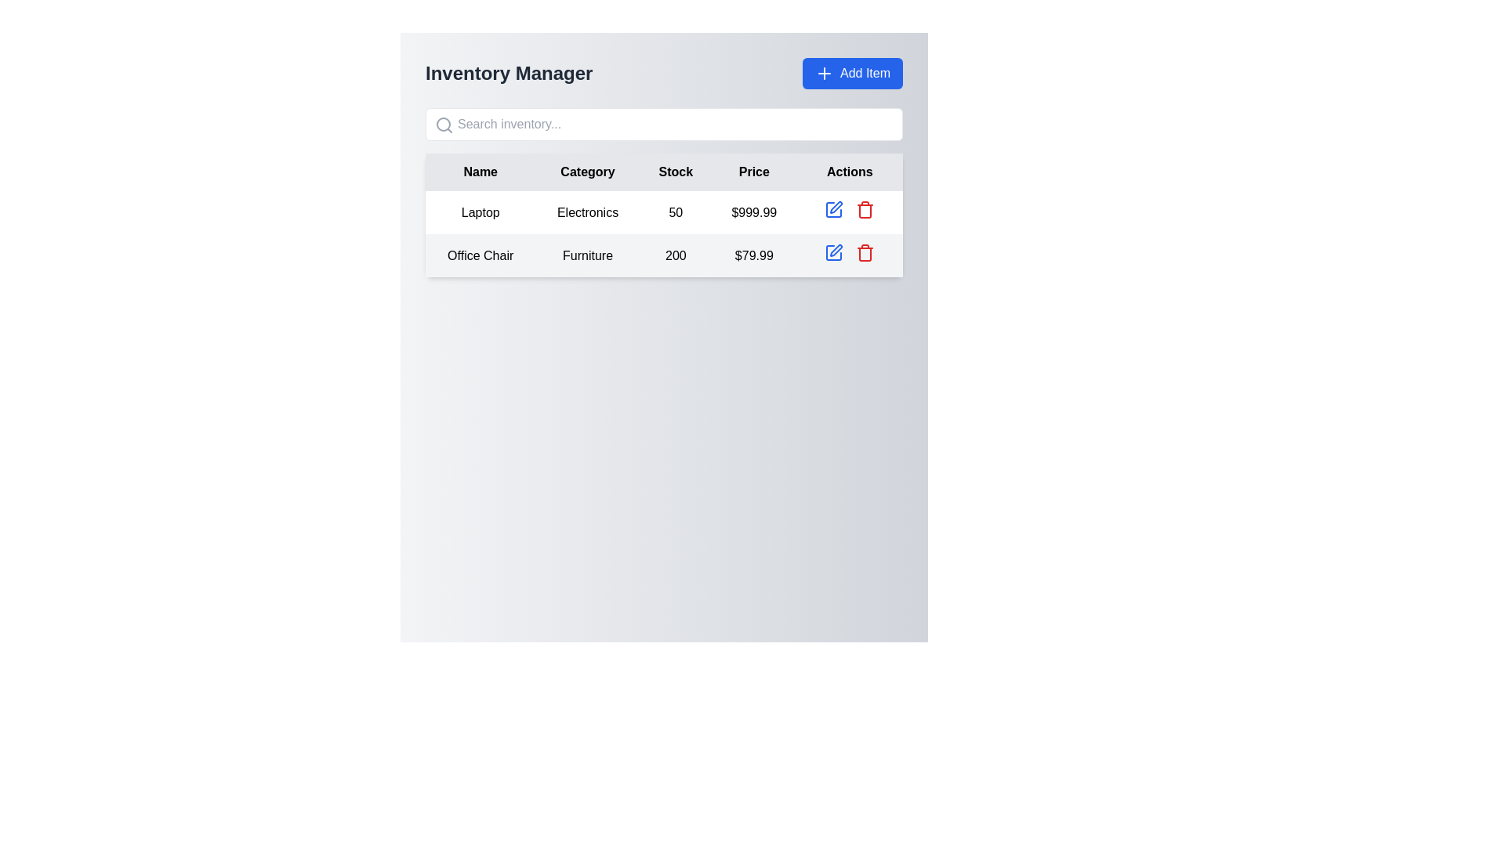 The height and width of the screenshot is (846, 1505). I want to click on the gray magnifying glass icon located on the left side of the search input box labeled 'Search inventory...', so click(443, 124).